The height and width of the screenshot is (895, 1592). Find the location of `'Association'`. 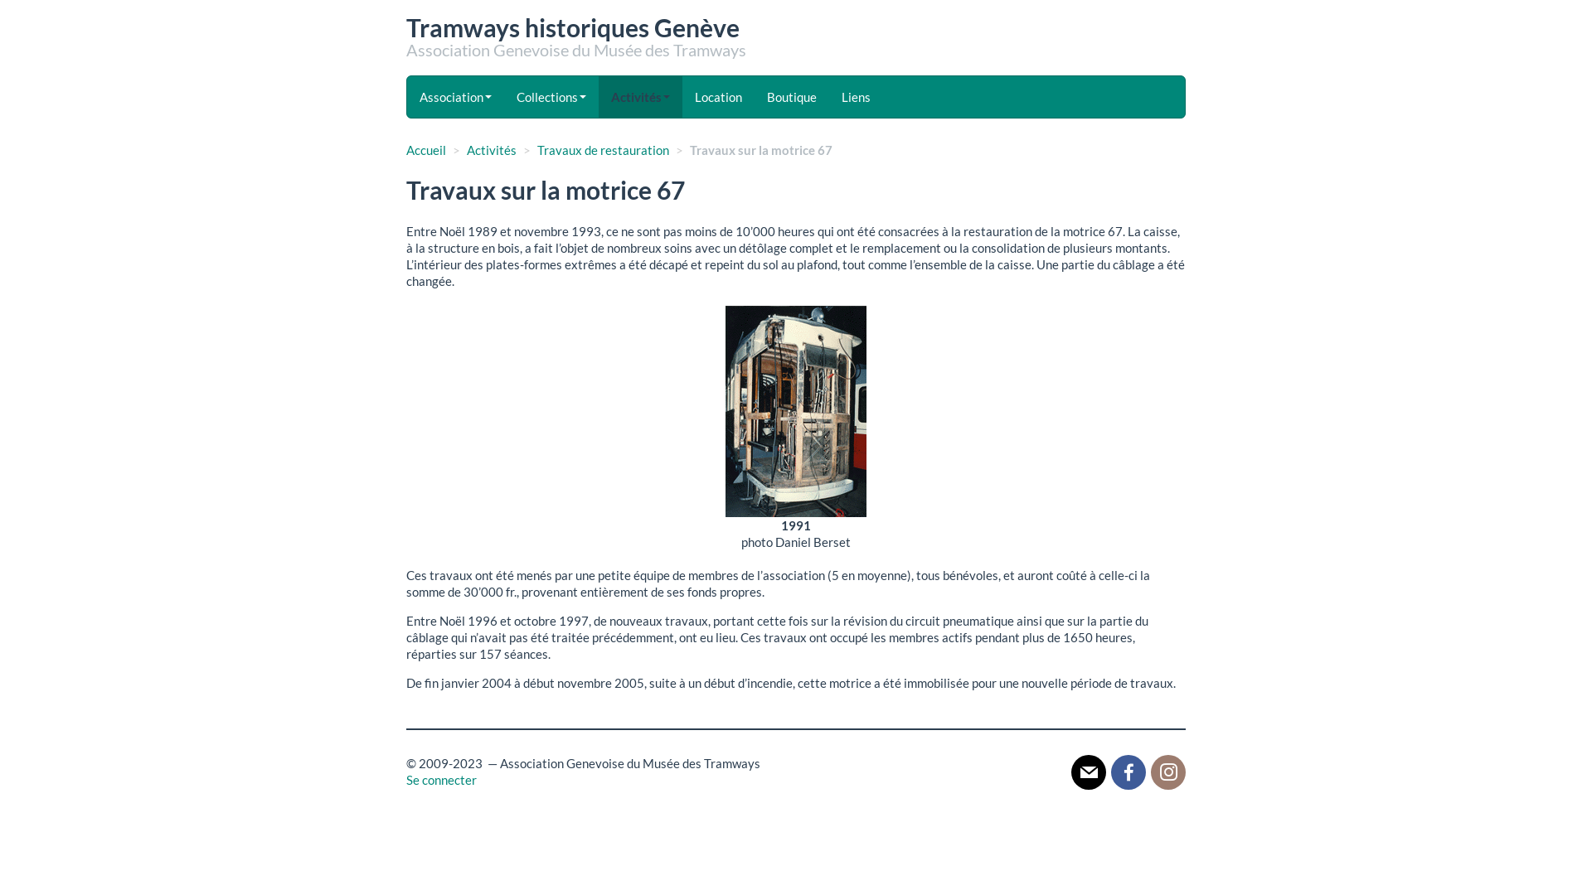

'Association' is located at coordinates (455, 96).